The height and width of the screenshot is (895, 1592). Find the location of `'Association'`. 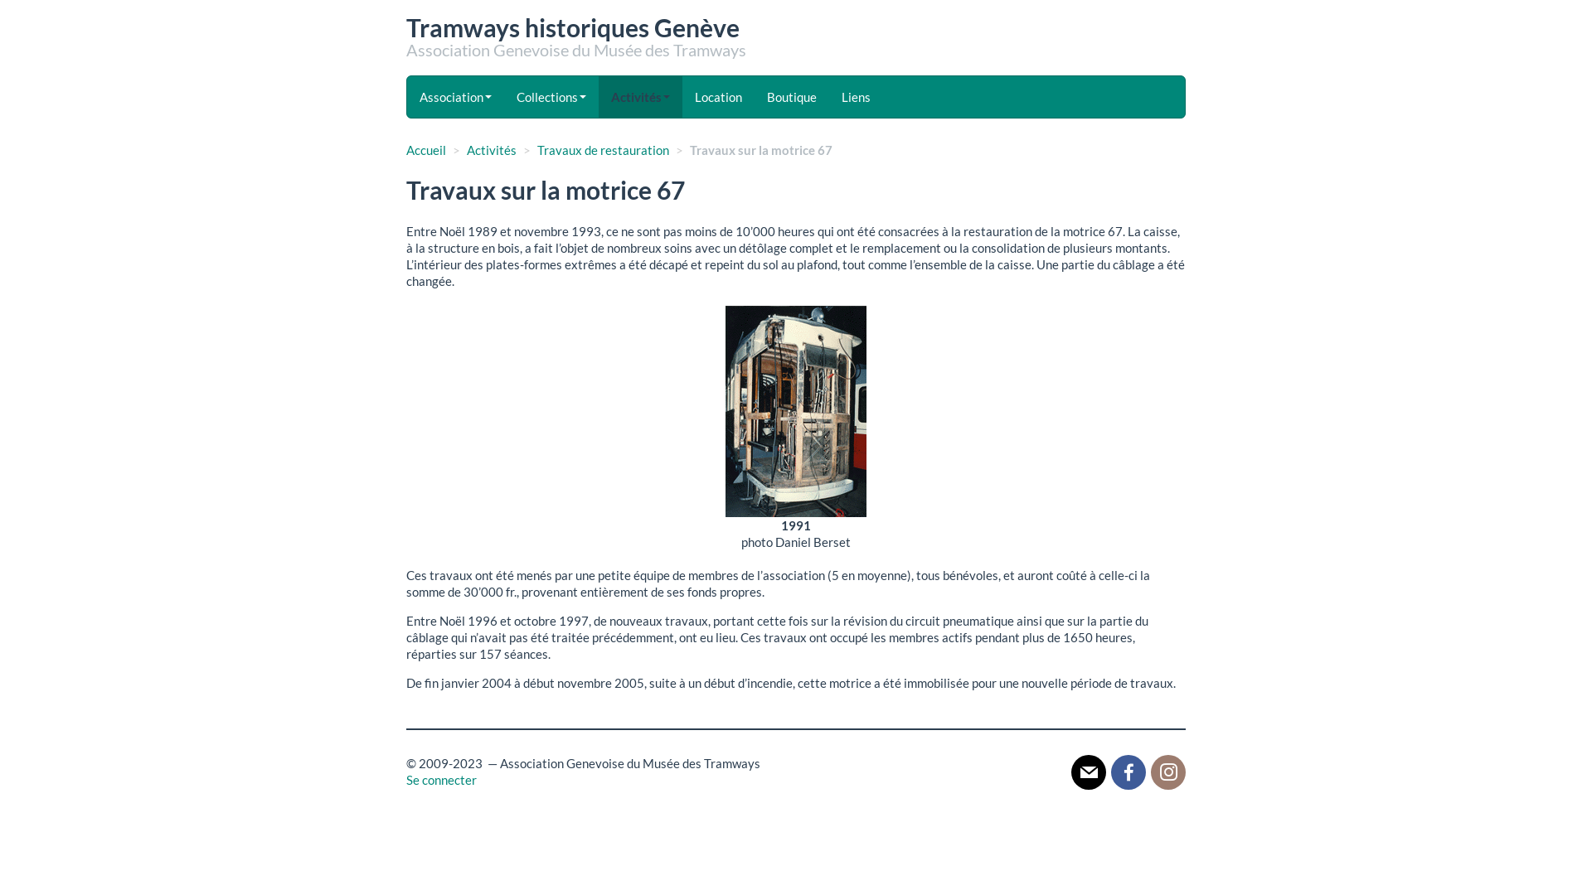

'Association' is located at coordinates (455, 96).